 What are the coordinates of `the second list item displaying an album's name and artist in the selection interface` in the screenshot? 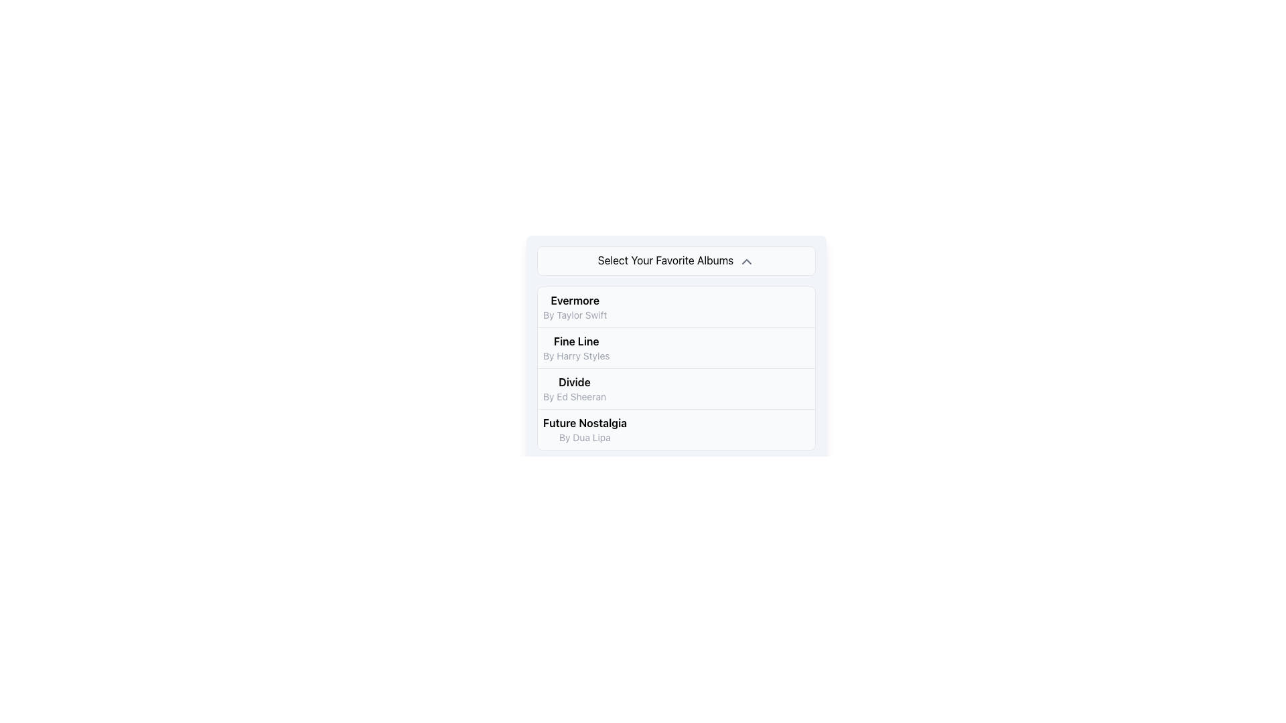 It's located at (676, 337).